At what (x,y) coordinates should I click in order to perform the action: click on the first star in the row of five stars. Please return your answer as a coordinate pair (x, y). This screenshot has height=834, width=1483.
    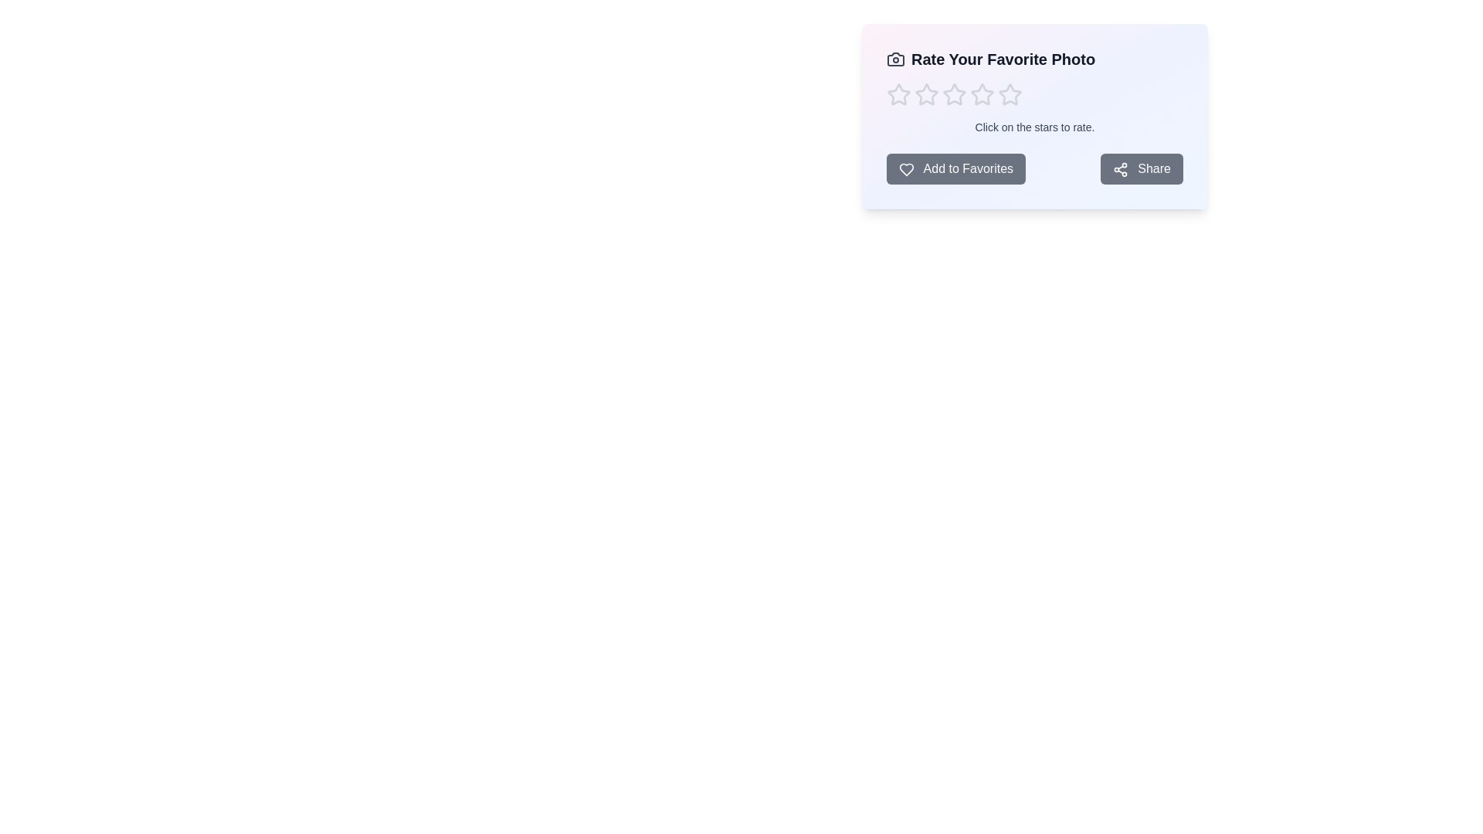
    Looking at the image, I should click on (926, 94).